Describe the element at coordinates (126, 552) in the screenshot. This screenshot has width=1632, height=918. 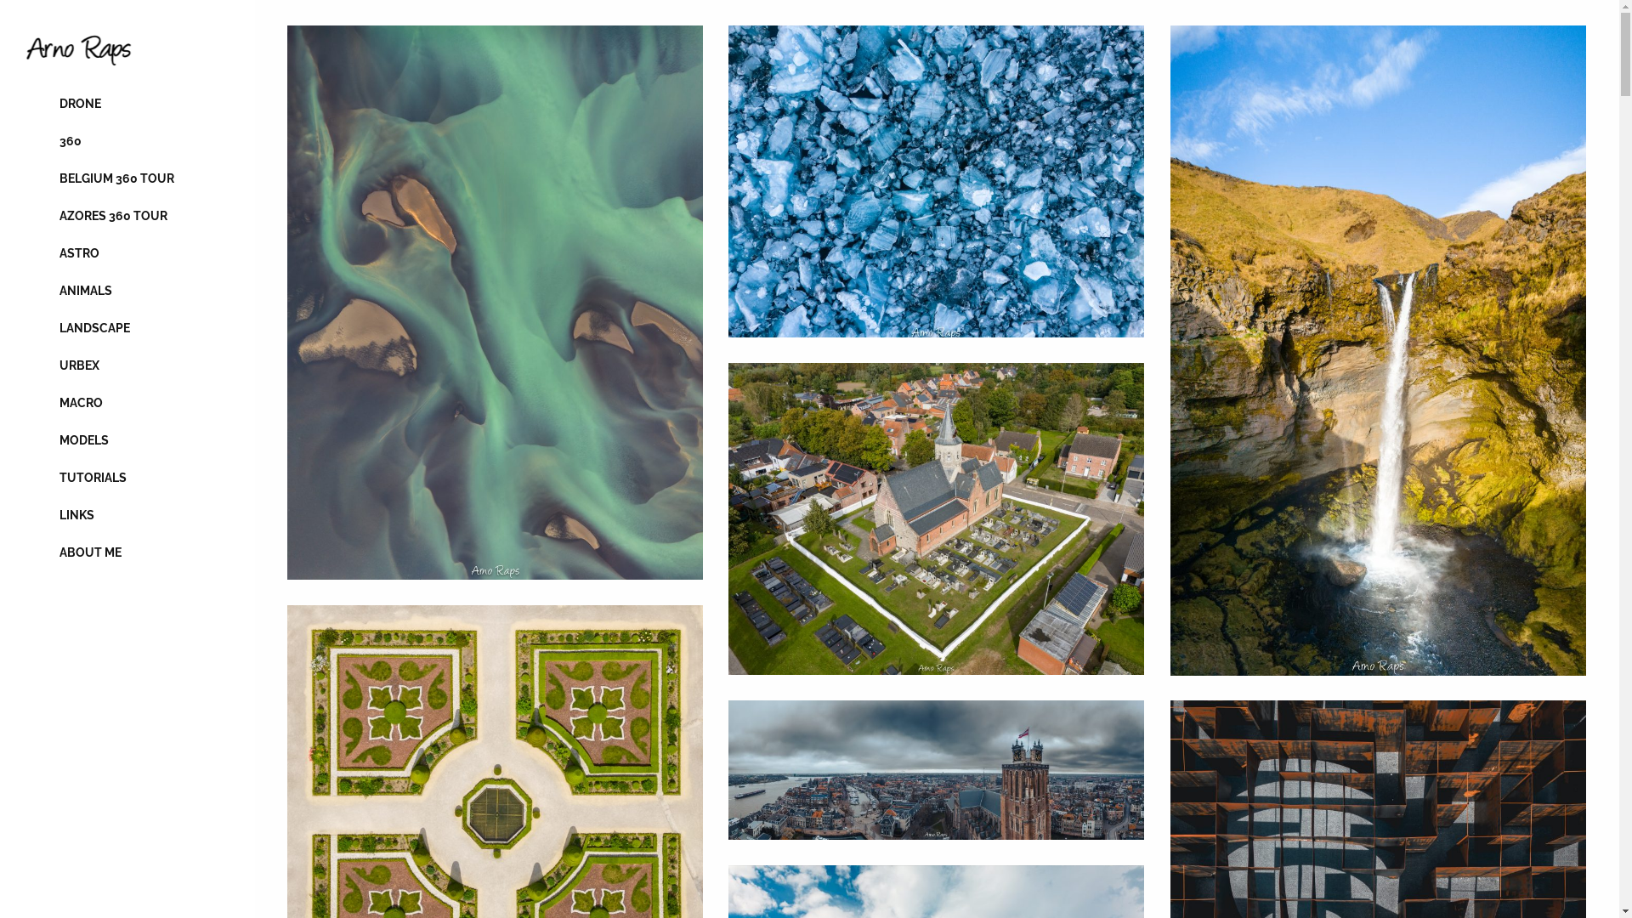
I see `'ABOUT ME'` at that location.